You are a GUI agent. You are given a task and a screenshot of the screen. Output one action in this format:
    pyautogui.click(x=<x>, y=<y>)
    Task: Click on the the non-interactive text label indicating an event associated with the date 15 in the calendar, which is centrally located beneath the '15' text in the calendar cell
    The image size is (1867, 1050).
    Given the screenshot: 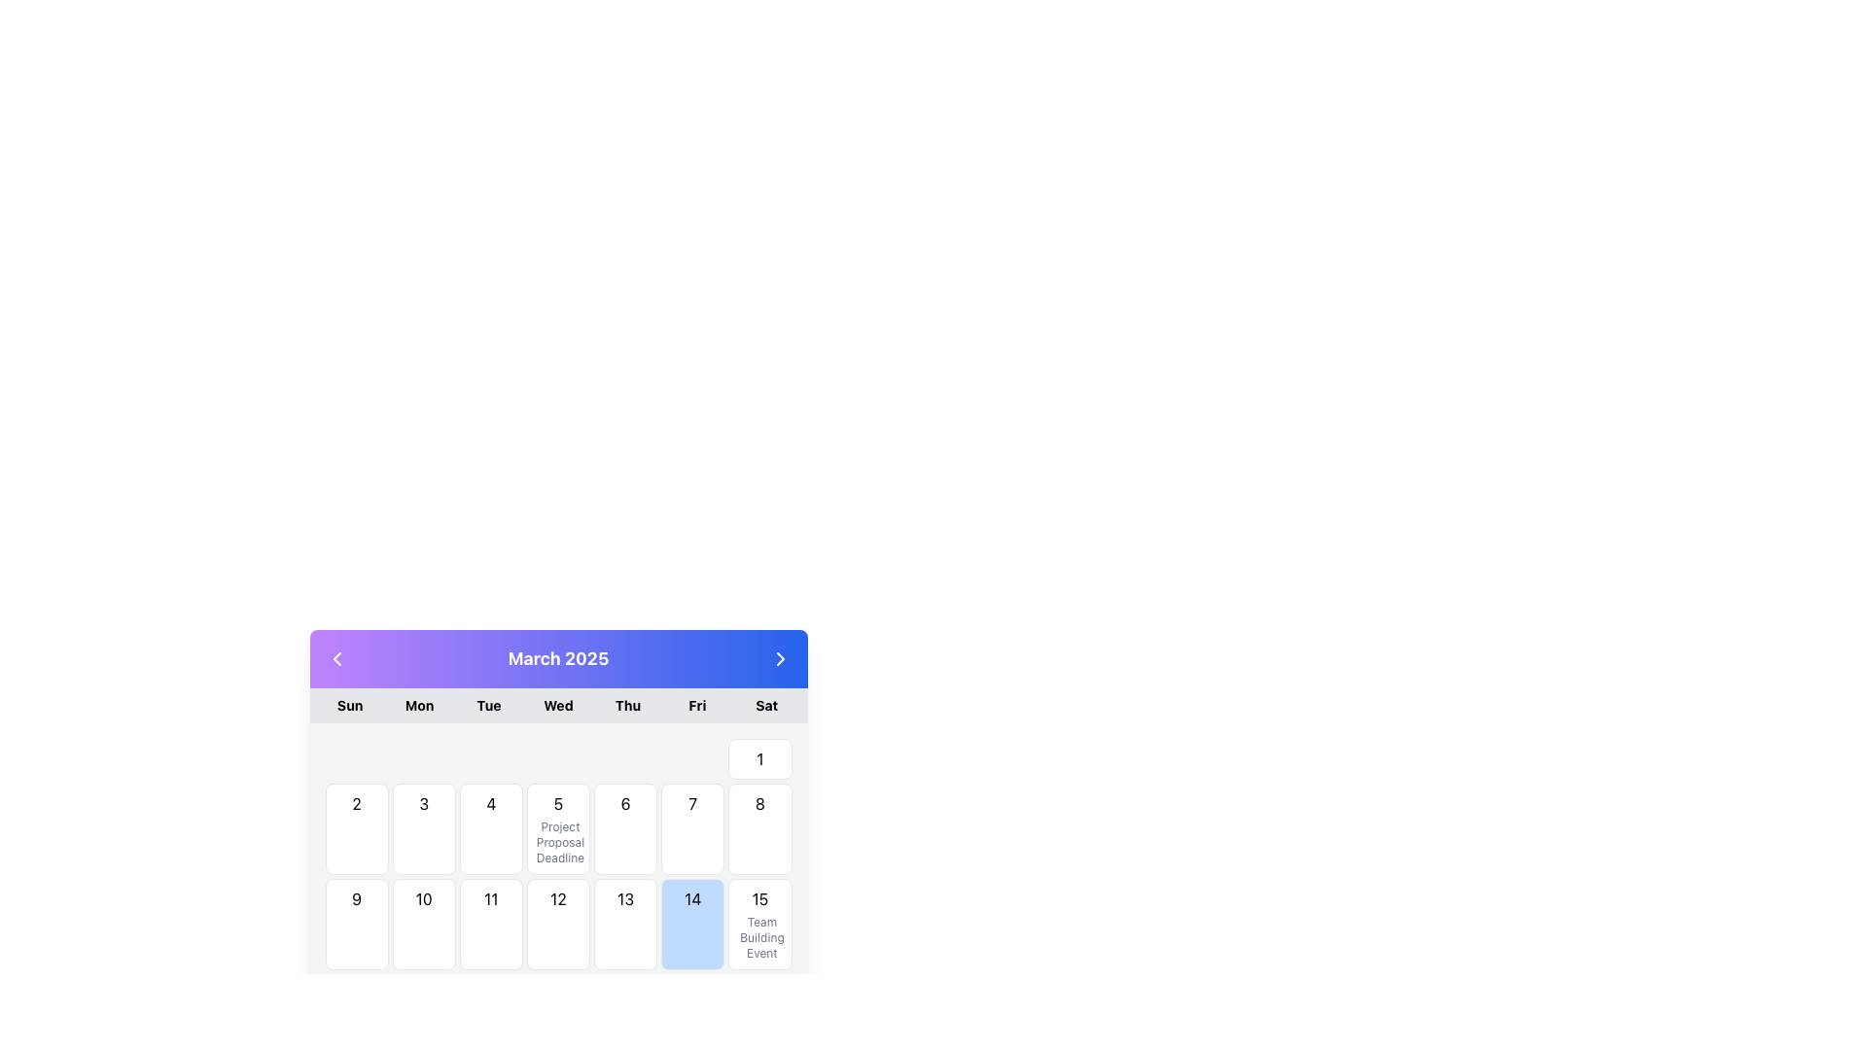 What is the action you would take?
    pyautogui.click(x=759, y=936)
    